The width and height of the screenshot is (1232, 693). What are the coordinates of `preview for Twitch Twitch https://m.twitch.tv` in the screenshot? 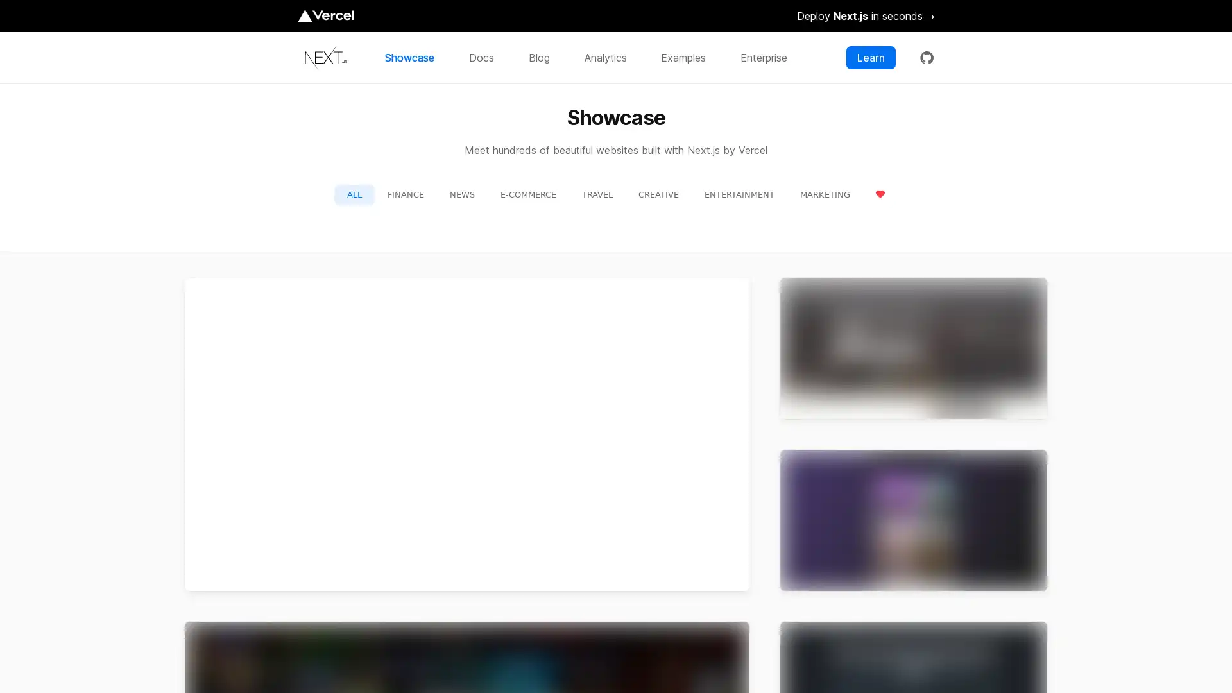 It's located at (913, 520).